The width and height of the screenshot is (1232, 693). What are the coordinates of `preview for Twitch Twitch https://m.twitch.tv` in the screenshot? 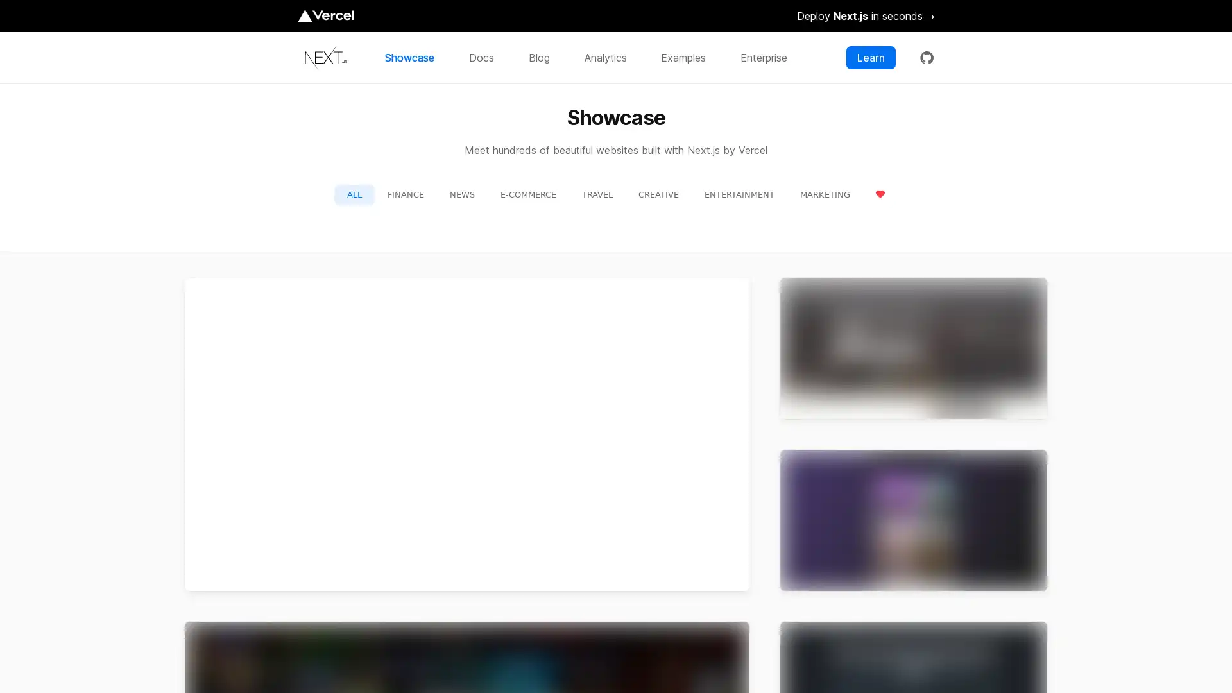 It's located at (913, 520).